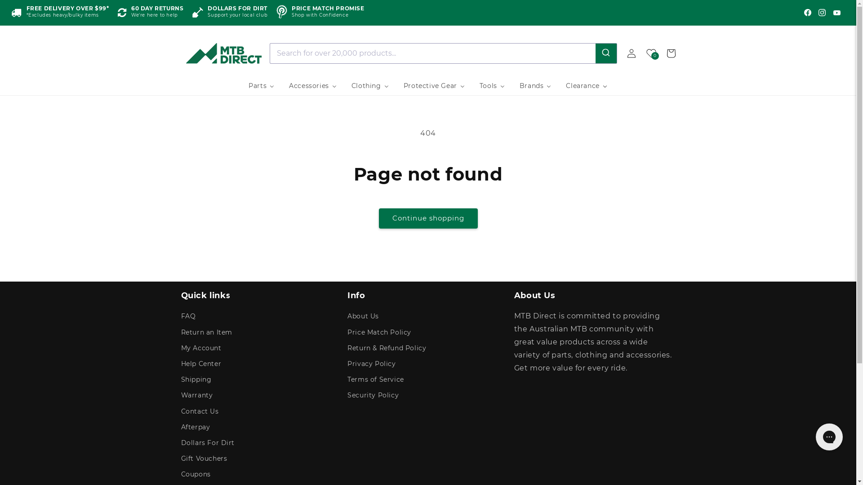  Describe the element at coordinates (206, 332) in the screenshot. I see `'Return an Item'` at that location.